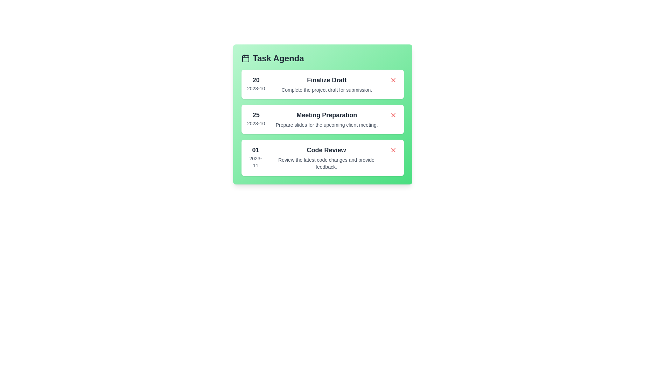 The width and height of the screenshot is (672, 378). Describe the element at coordinates (393, 149) in the screenshot. I see `the delete button for the task labeled 'Code Review'` at that location.